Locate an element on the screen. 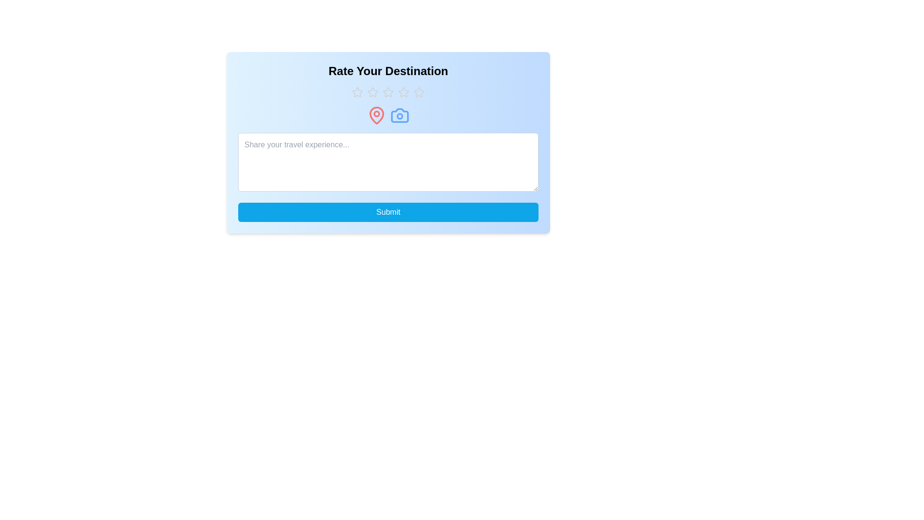  the rating to 5 stars by clicking on the corresponding star is located at coordinates (419, 92).